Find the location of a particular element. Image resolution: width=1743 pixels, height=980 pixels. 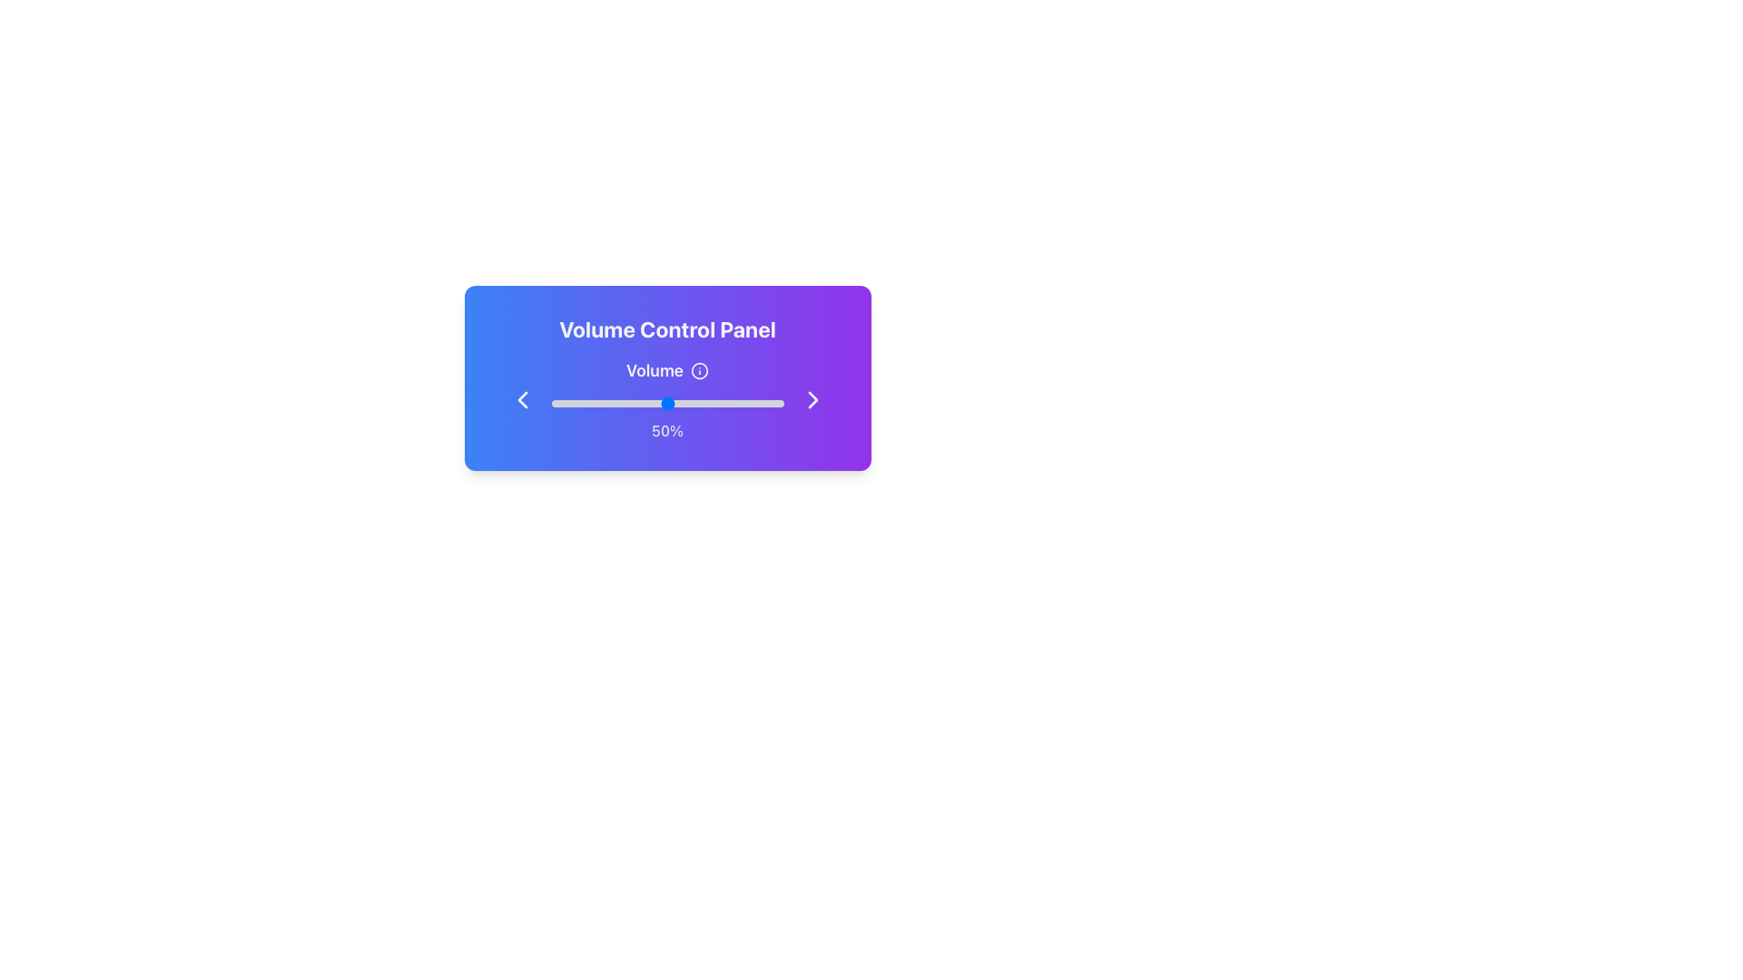

the slider is located at coordinates (767, 402).